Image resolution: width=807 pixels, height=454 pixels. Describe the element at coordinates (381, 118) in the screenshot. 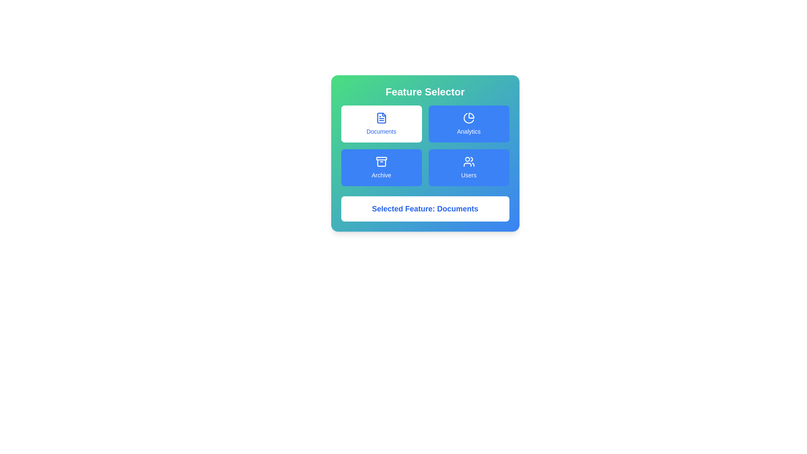

I see `the 'Documents' SVG Icon located centrally within the upper-left white button of the 'Feature Selector' panel` at that location.